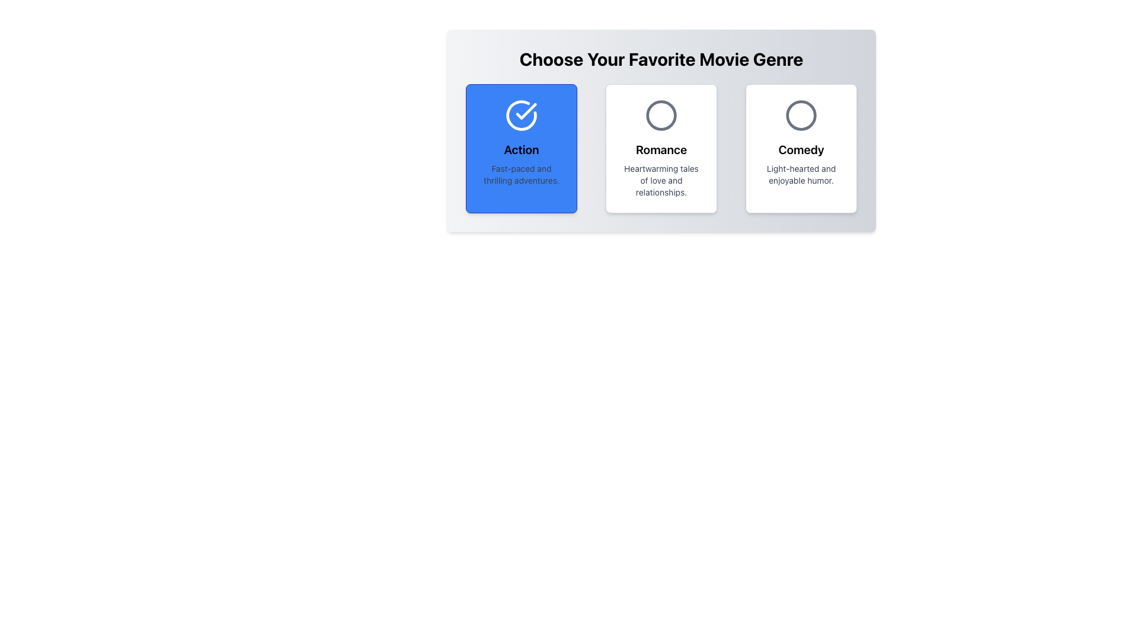  What do you see at coordinates (801, 149) in the screenshot?
I see `the 'Comedy' genre label, which is the third title in a set of genre cards, positioned above the description 'Light-hearted and enjoyable humor.'` at bounding box center [801, 149].